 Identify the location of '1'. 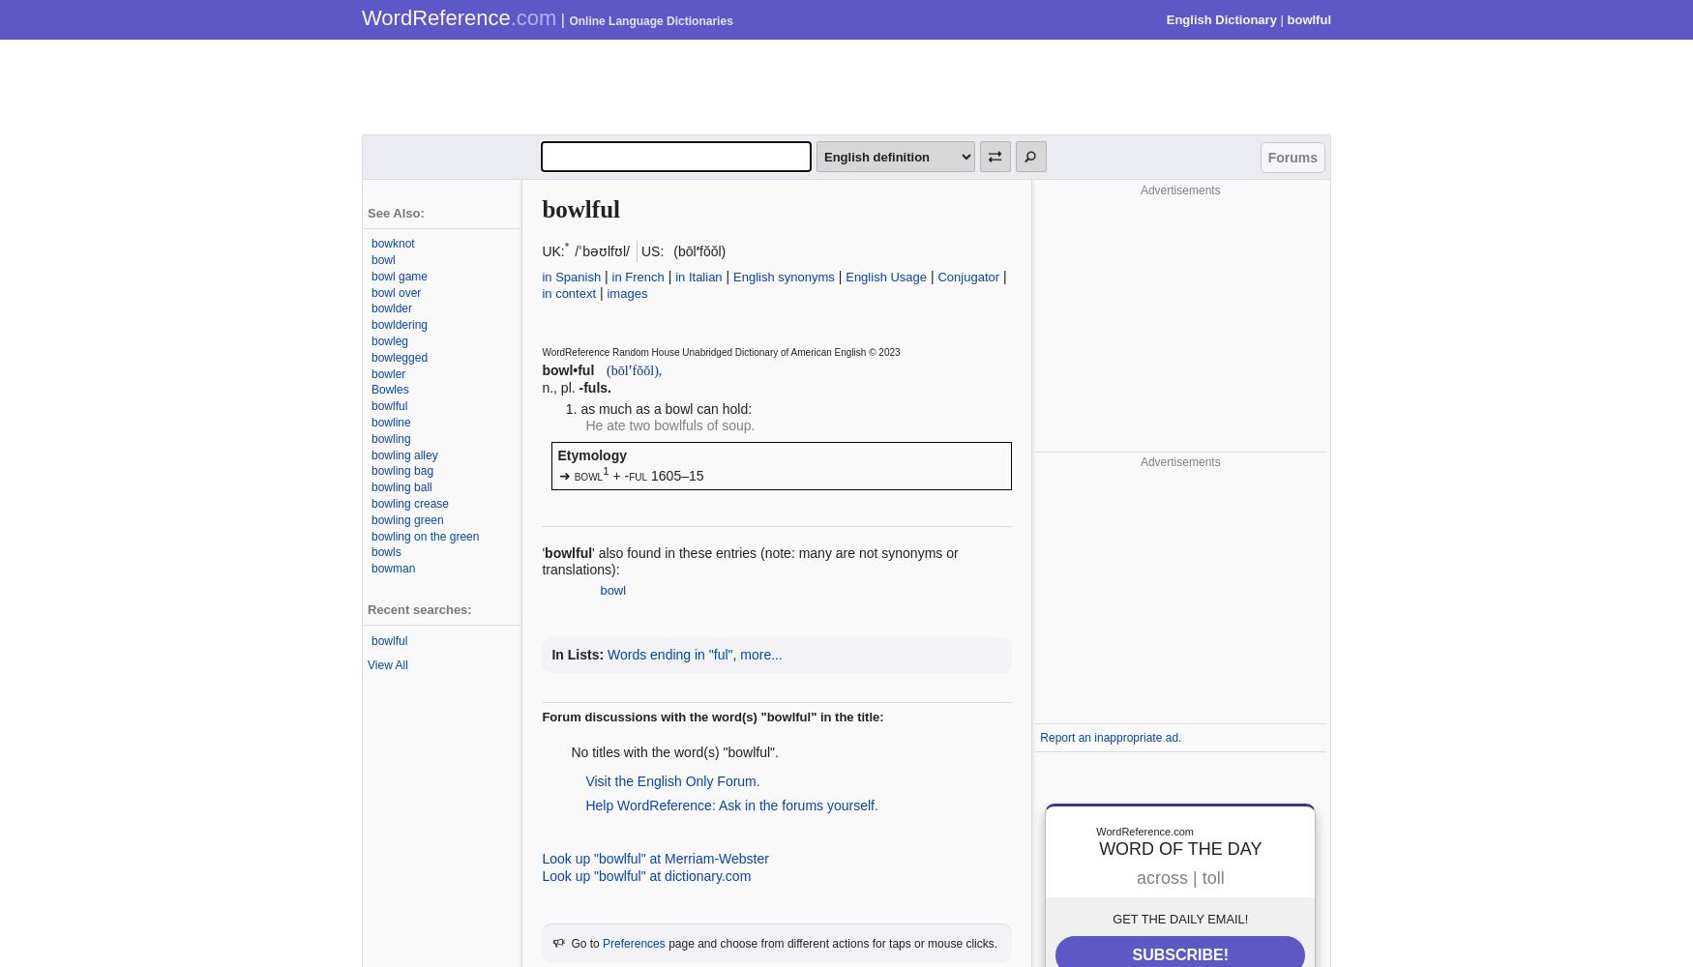
(605, 469).